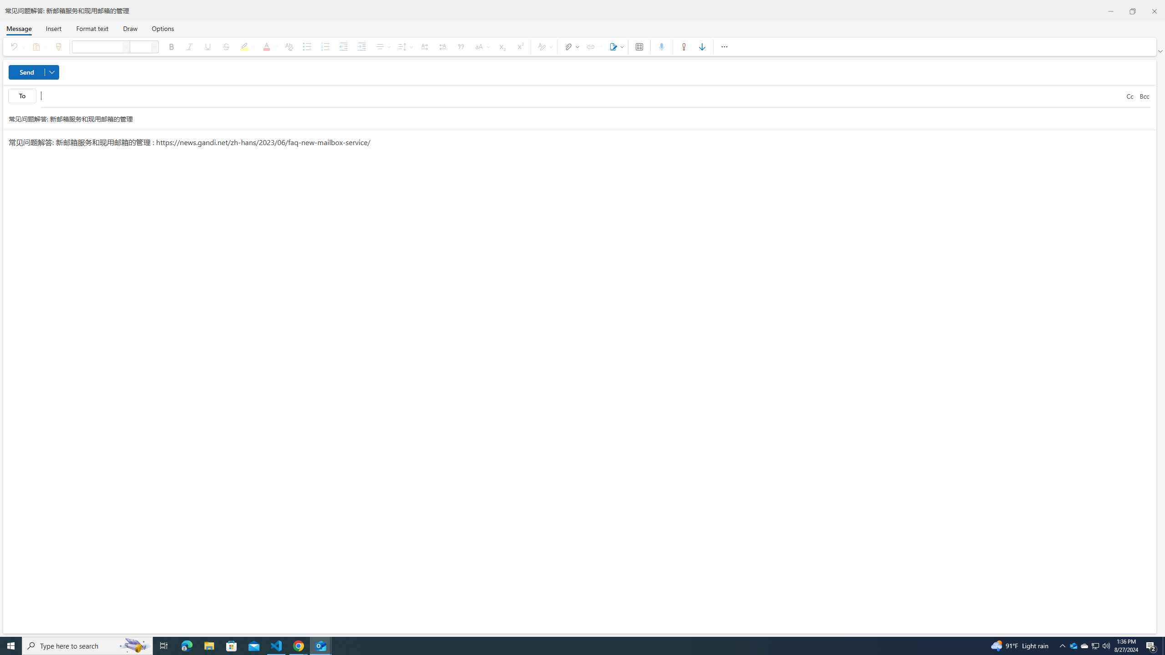  What do you see at coordinates (189, 46) in the screenshot?
I see `'Italic'` at bounding box center [189, 46].